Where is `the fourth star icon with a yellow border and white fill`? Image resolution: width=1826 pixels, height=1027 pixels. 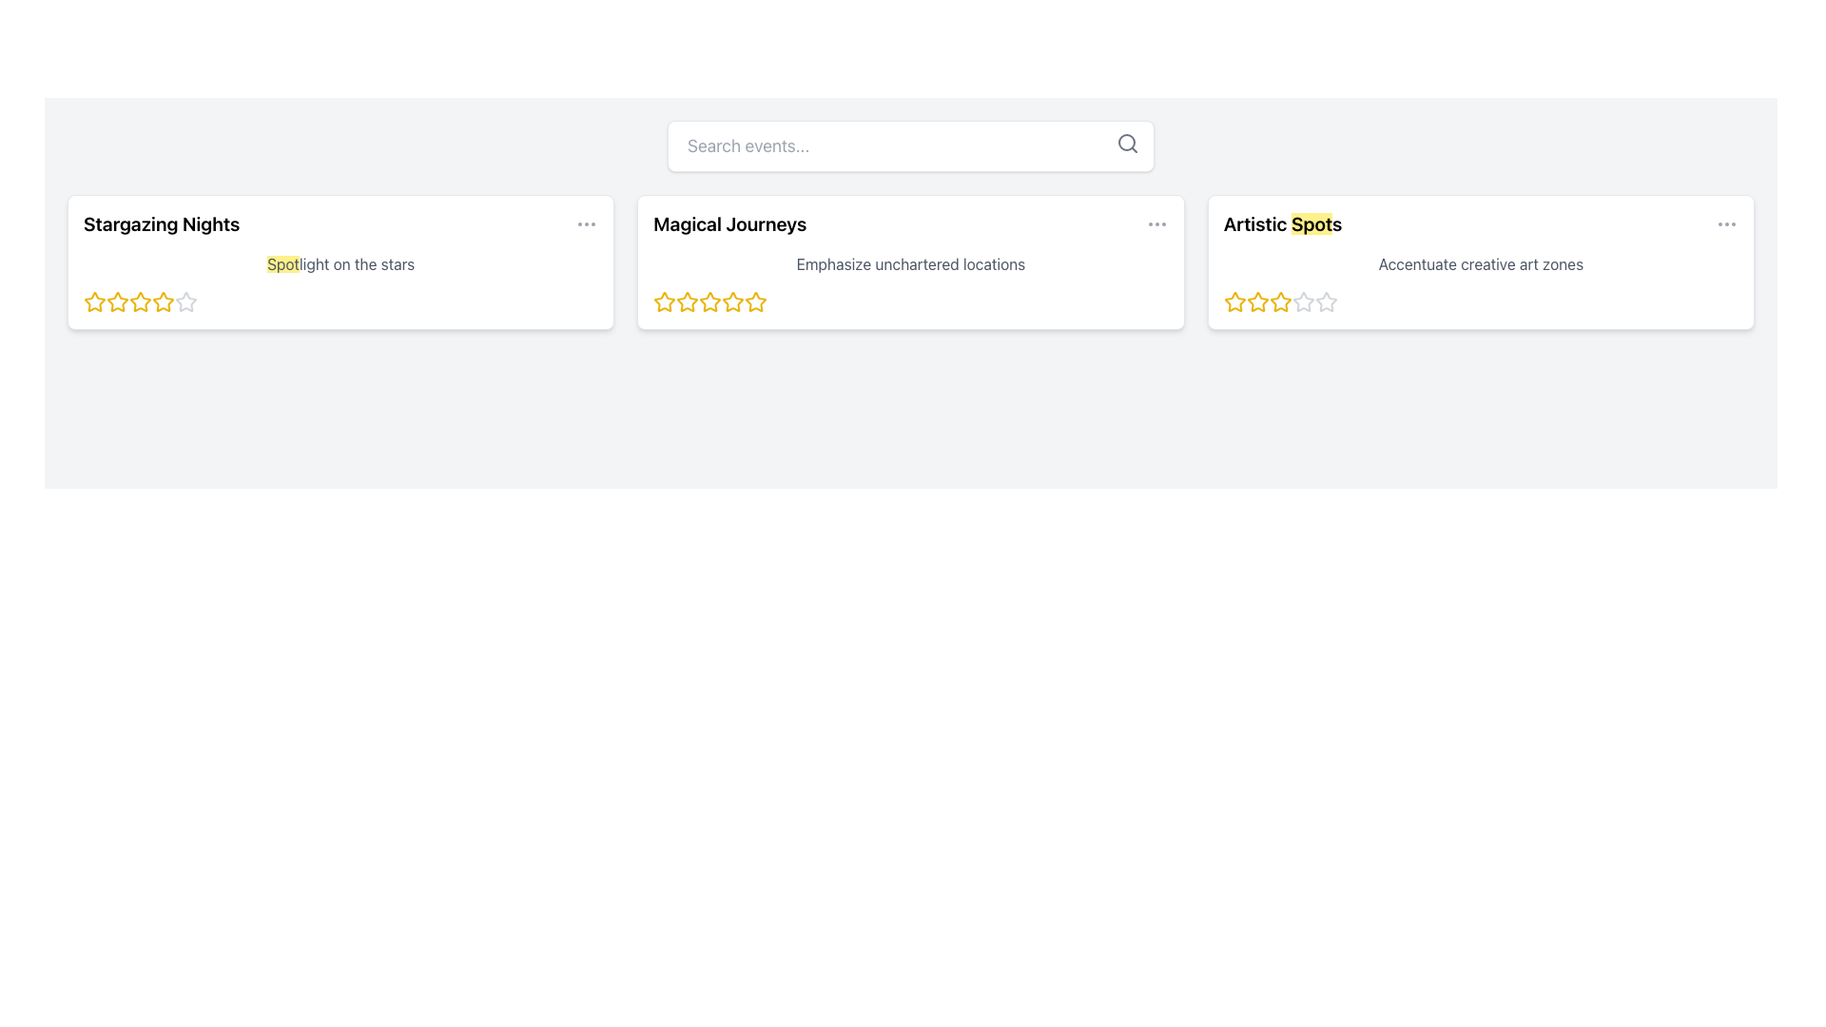 the fourth star icon with a yellow border and white fill is located at coordinates (1280, 300).